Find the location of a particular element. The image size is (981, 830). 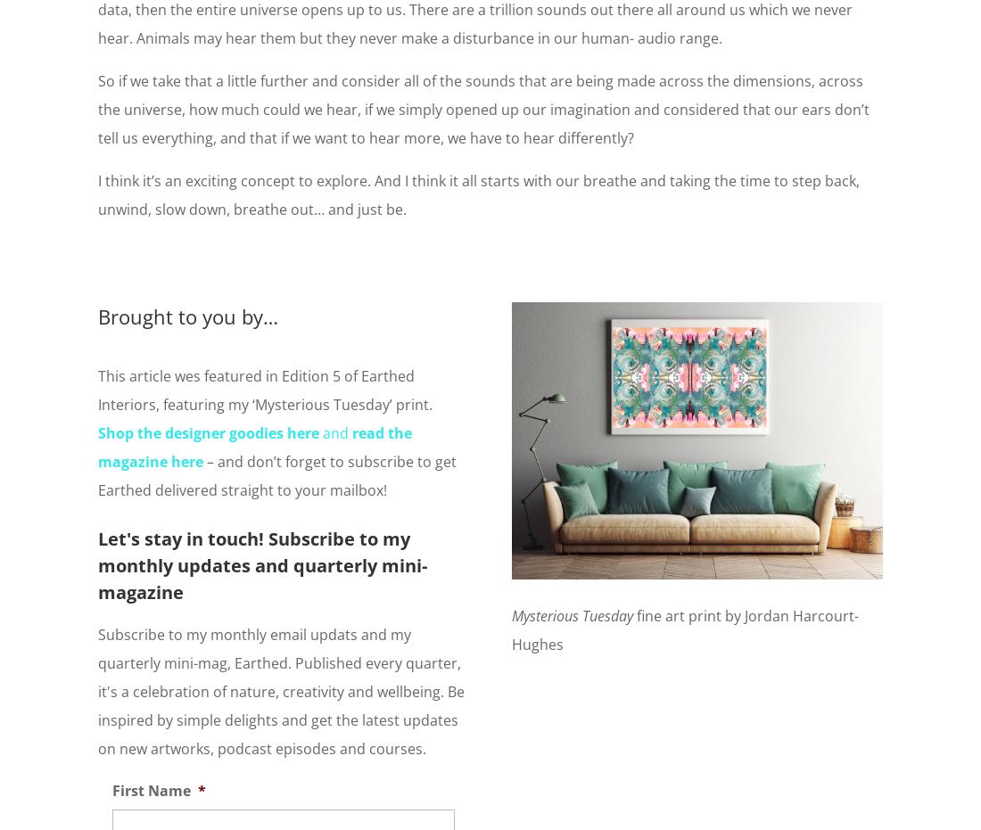

'and' is located at coordinates (335, 431).